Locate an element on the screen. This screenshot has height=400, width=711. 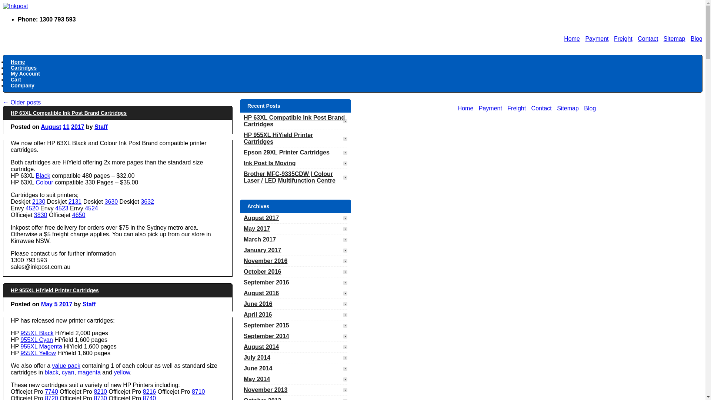
'June 2014' is located at coordinates (261, 368).